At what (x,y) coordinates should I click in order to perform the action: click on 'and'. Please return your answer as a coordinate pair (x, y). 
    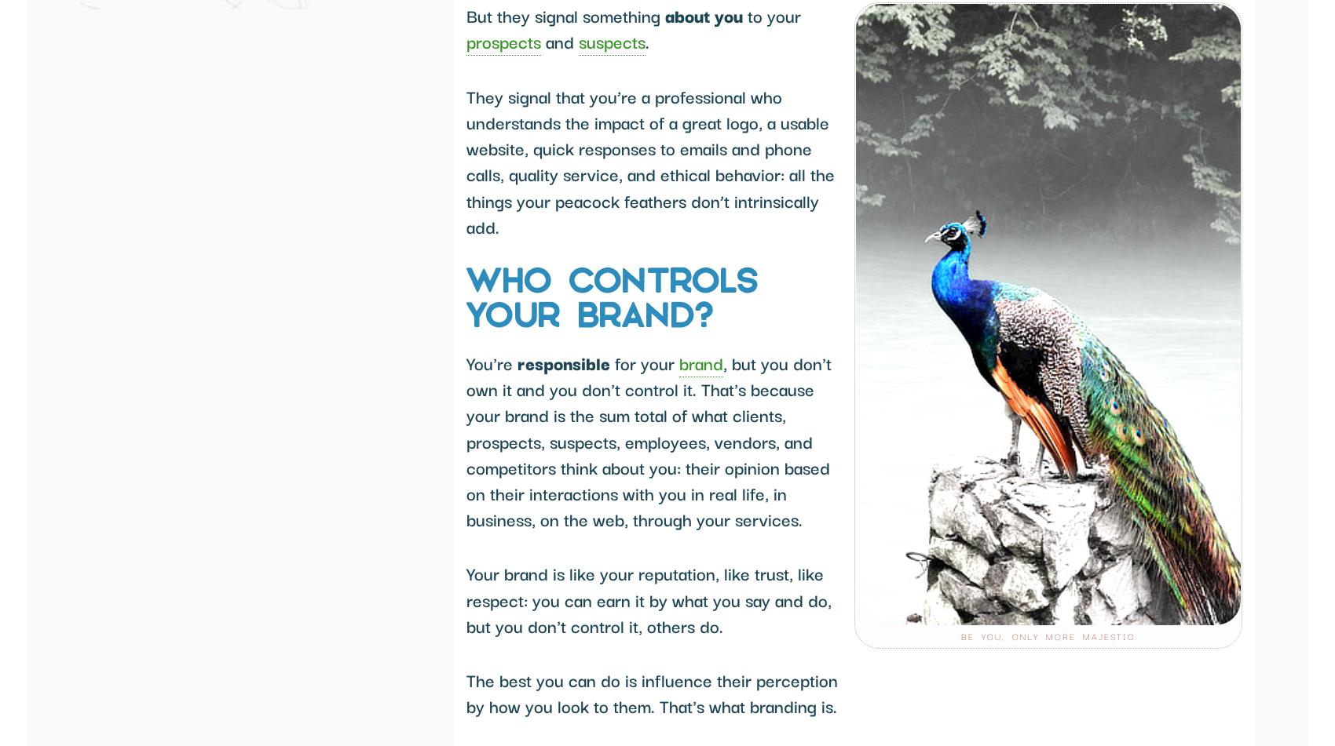
    Looking at the image, I should click on (559, 41).